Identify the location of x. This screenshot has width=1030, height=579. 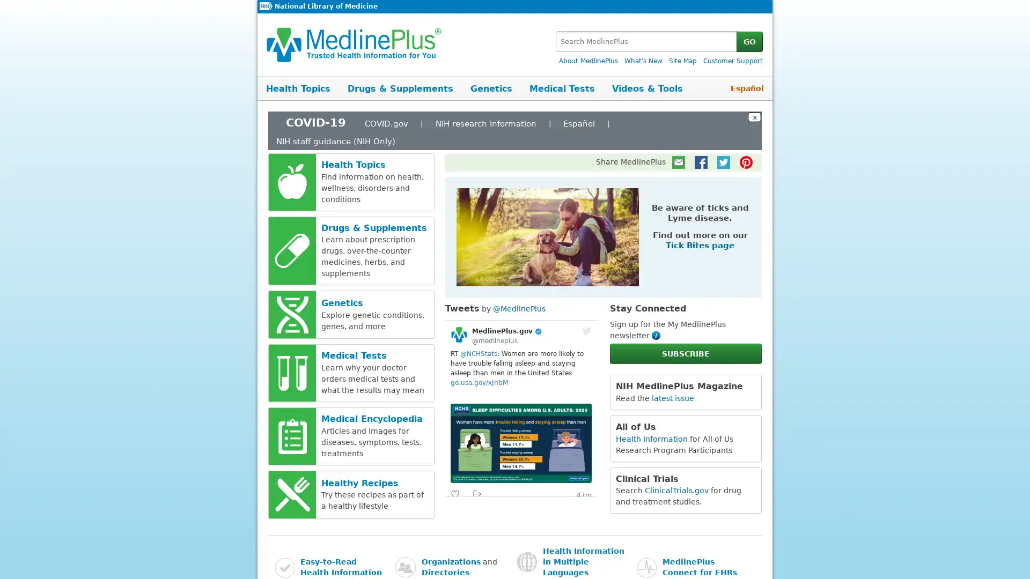
(754, 116).